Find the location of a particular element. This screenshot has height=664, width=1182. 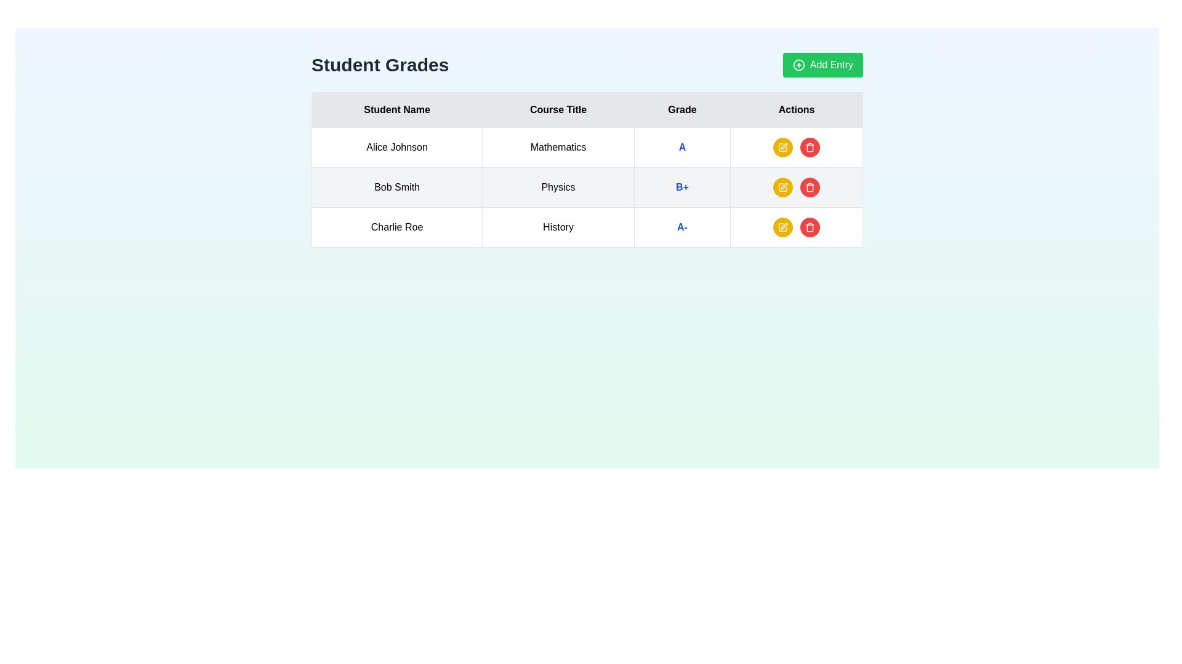

the delete button in the 'Actions' column of the first row of the table is located at coordinates (810, 146).